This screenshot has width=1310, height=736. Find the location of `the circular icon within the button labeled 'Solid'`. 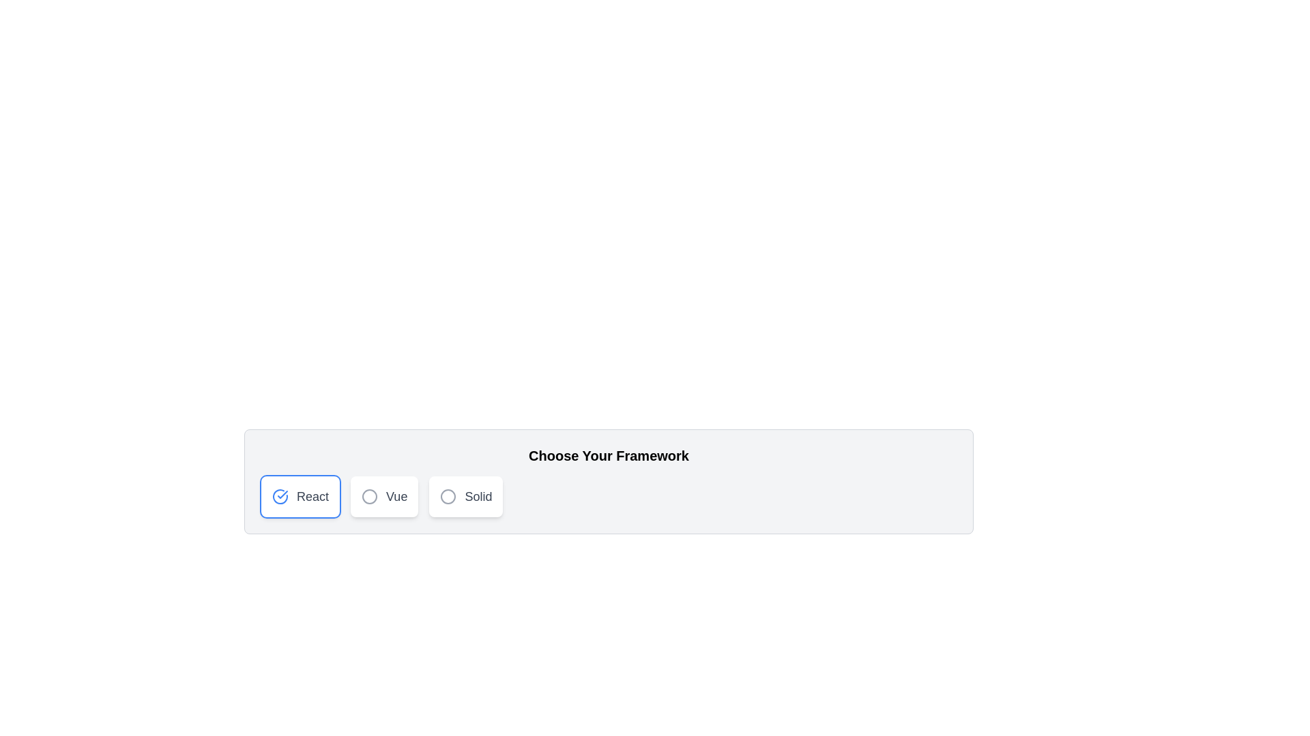

the circular icon within the button labeled 'Solid' is located at coordinates (448, 497).